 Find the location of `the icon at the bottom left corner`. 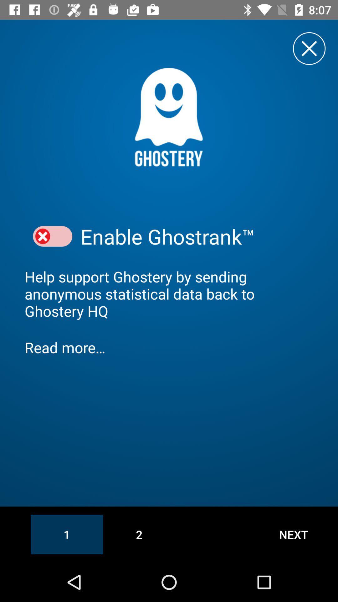

the icon at the bottom left corner is located at coordinates (67, 534).